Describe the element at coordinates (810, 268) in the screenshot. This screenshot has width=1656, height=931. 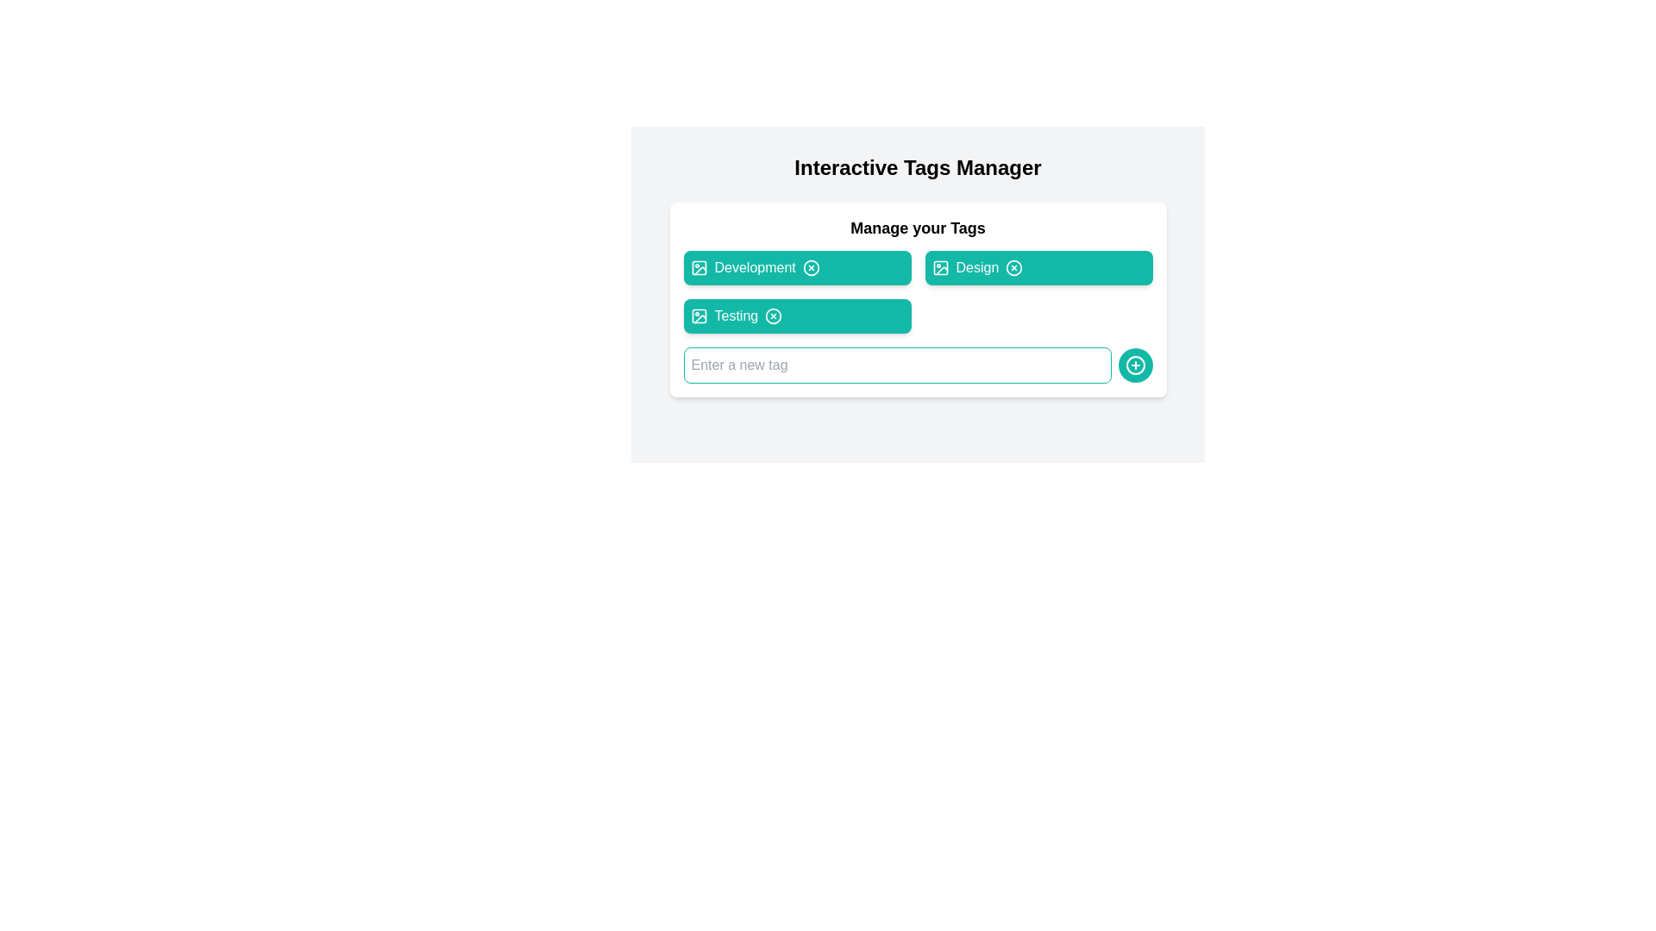
I see `the delete button associated with the 'Development' tag` at that location.